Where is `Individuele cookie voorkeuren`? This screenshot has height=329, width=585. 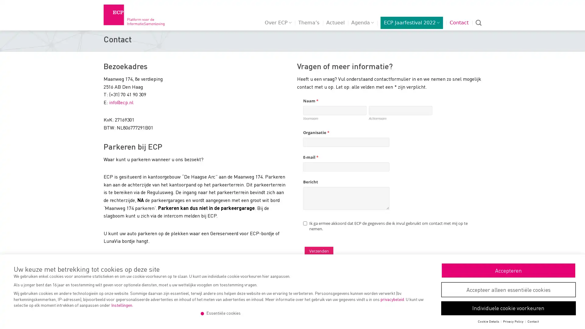 Individuele cookie voorkeuren is located at coordinates (508, 308).